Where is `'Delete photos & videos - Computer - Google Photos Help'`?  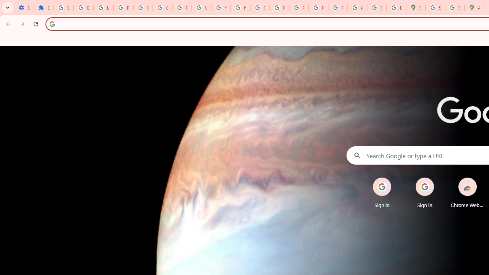 'Delete photos & videos - Computer - Google Photos Help' is located at coordinates (83, 8).